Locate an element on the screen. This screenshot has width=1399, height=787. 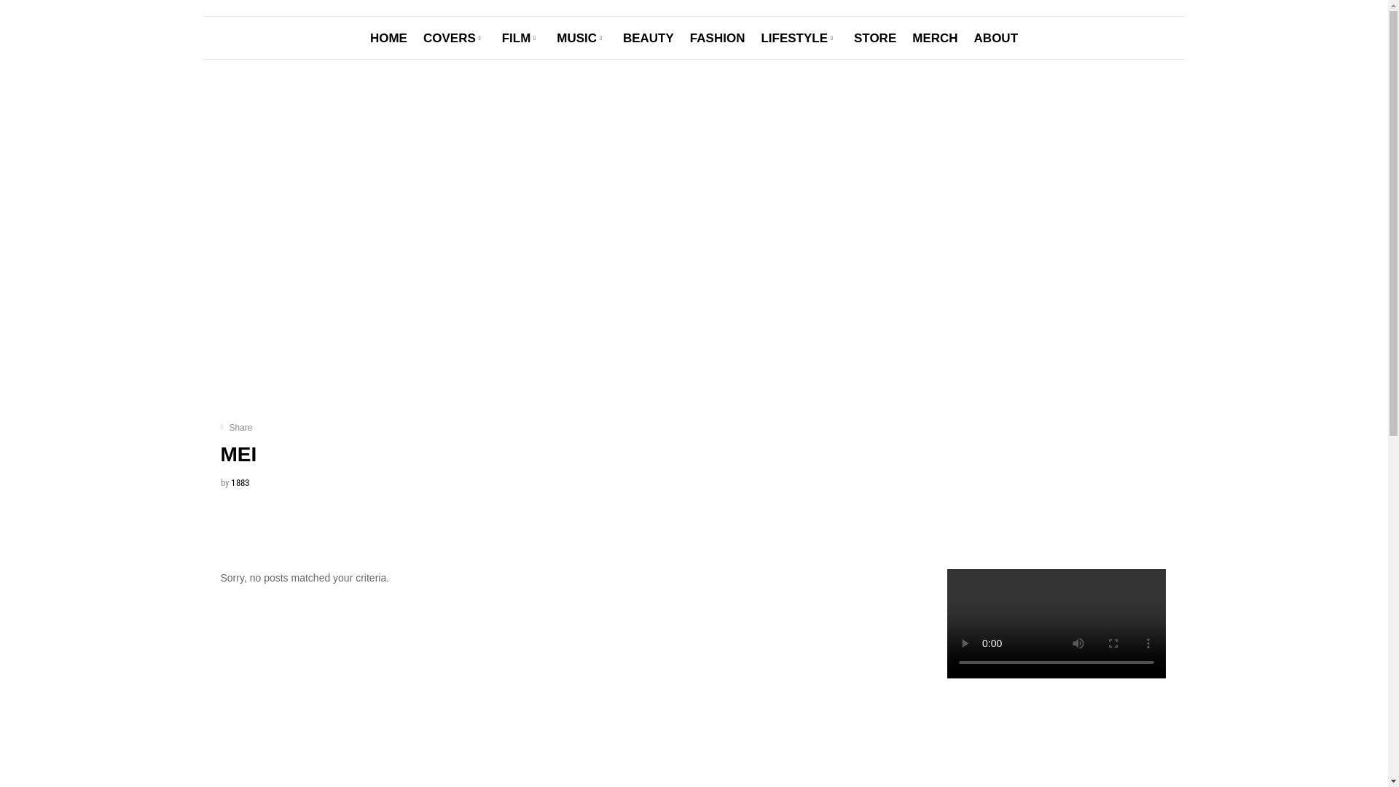
'Share' is located at coordinates (236, 426).